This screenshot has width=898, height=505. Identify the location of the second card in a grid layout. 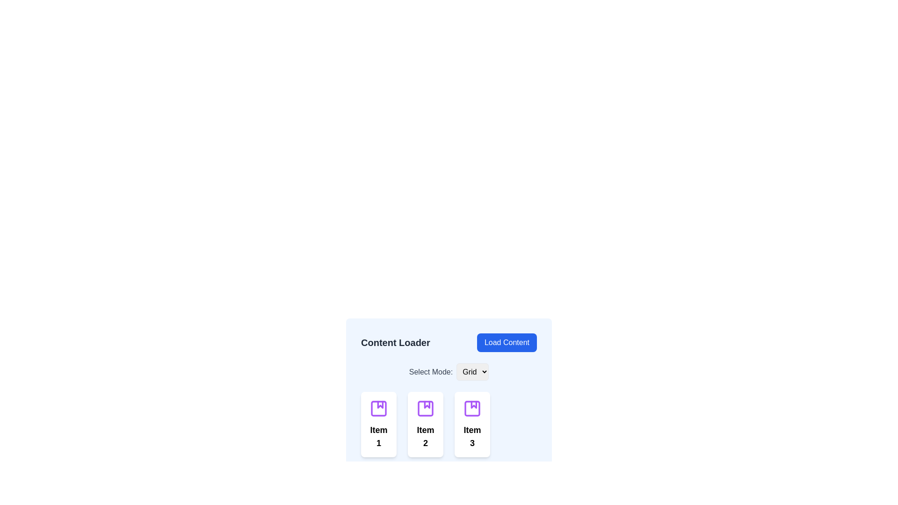
(425, 424).